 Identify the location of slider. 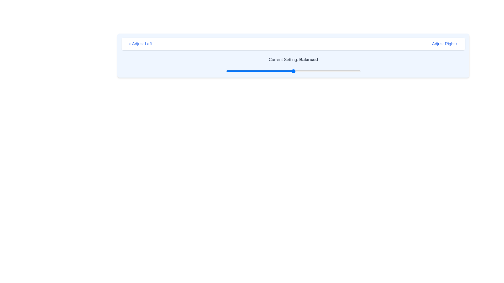
(285, 71).